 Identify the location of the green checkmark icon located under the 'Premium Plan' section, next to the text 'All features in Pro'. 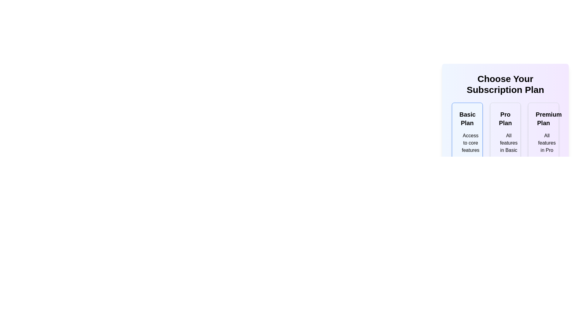
(539, 143).